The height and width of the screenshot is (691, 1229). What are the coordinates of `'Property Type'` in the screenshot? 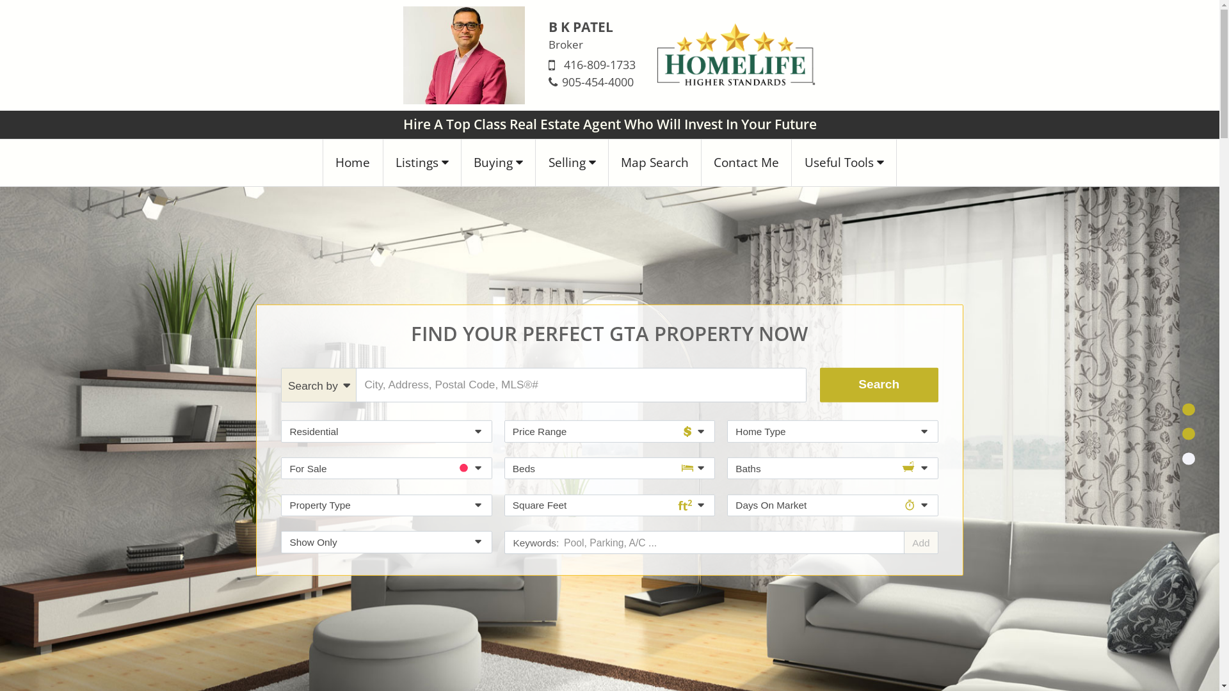 It's located at (385, 504).